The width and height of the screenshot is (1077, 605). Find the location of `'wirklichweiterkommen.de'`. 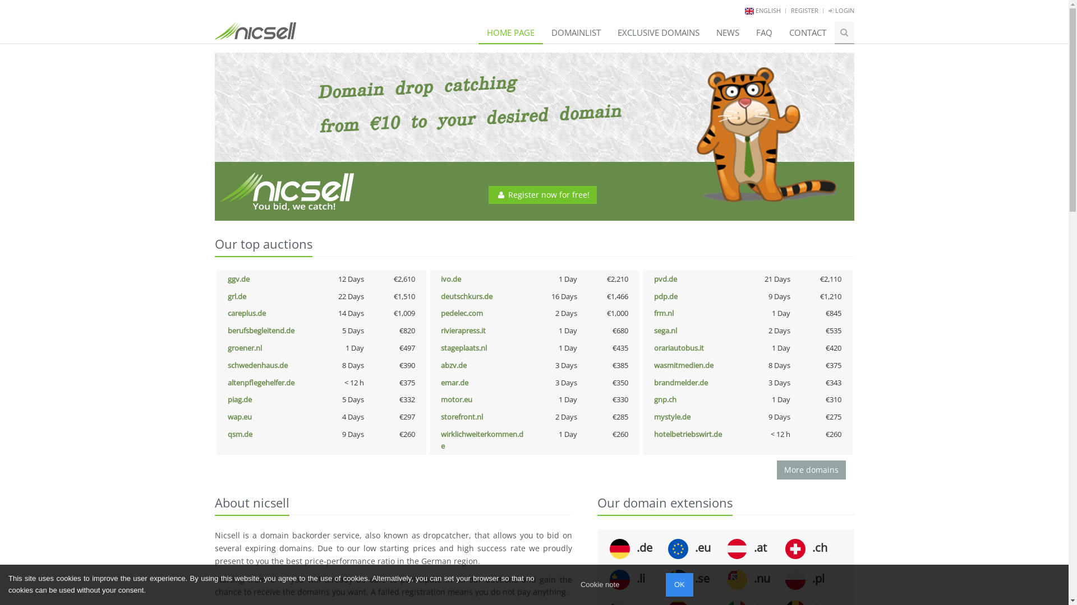

'wirklichweiterkommen.de' is located at coordinates (482, 439).